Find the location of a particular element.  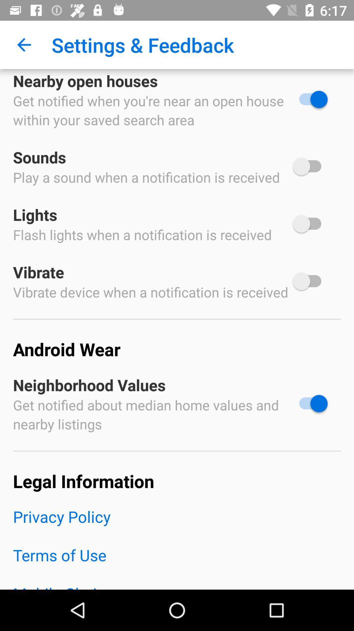

privacy policy is located at coordinates (177, 525).